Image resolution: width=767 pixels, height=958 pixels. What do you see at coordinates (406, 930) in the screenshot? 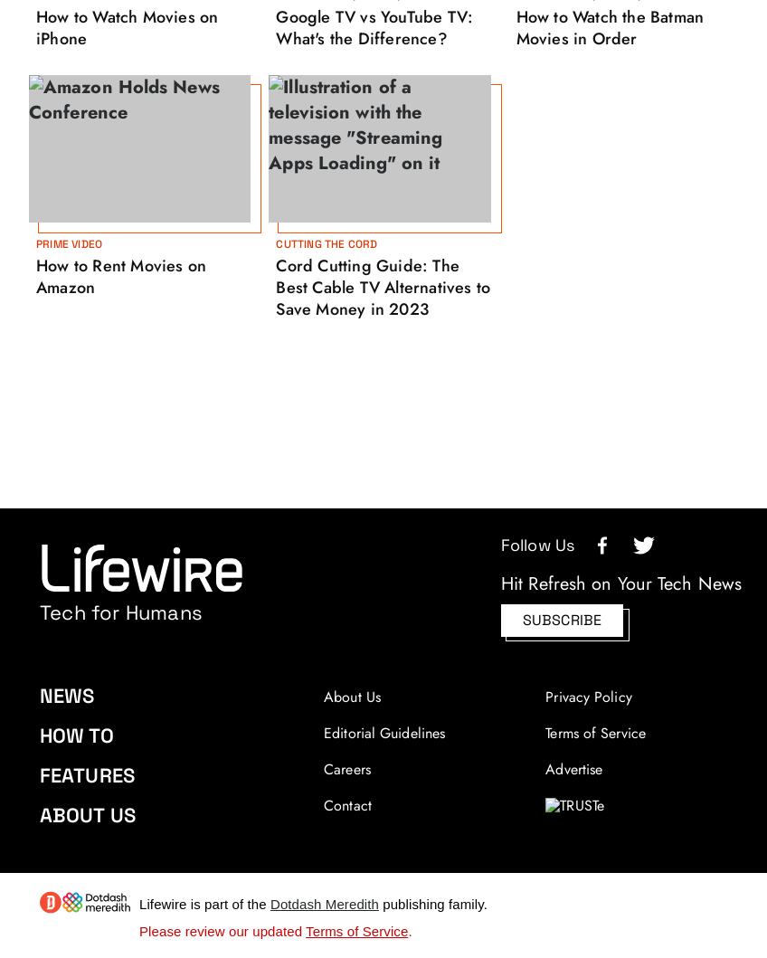
I see `'.'` at bounding box center [406, 930].